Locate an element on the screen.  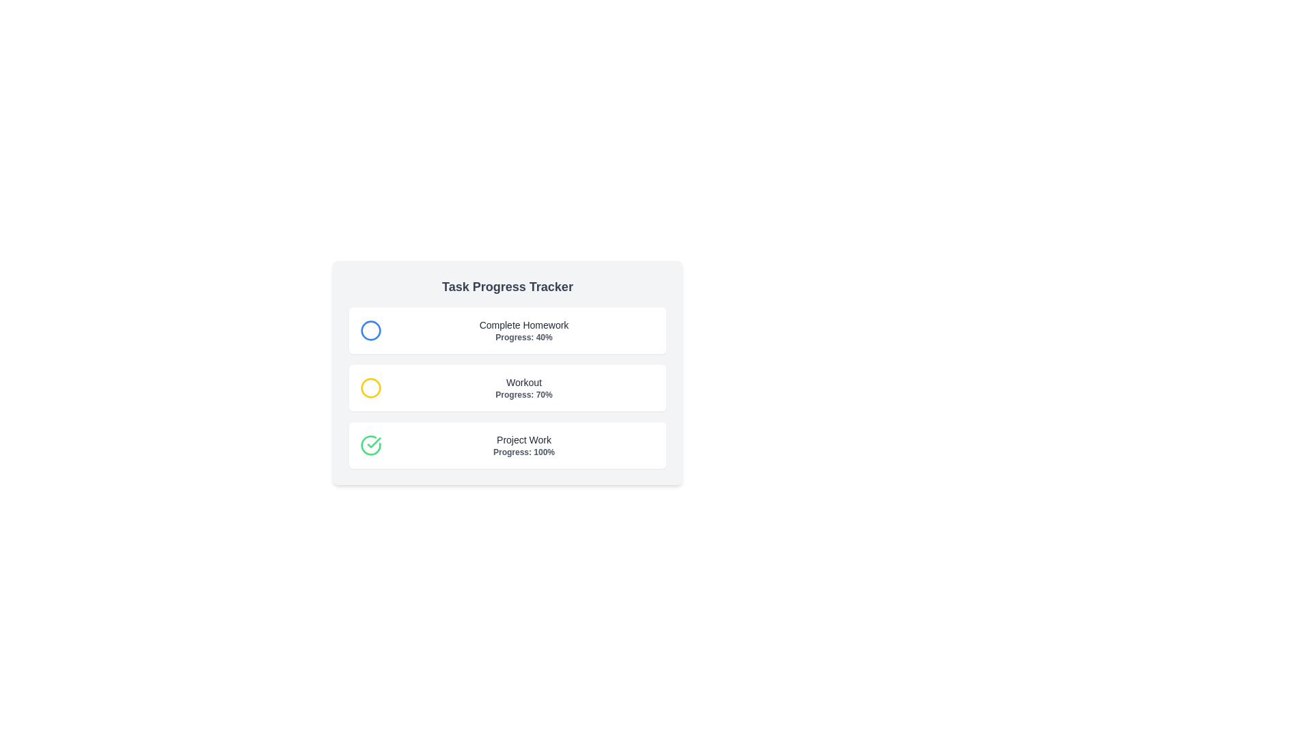
displayed text from the text content element that shows 'Project Work' and 'Progress: 100%' located within a card at the bottom of the list is located at coordinates (523, 445).